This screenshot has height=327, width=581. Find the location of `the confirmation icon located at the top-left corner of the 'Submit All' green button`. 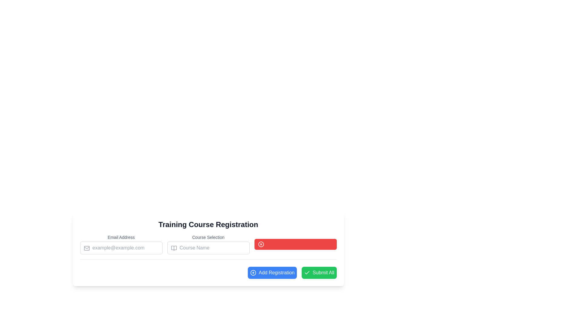

the confirmation icon located at the top-left corner of the 'Submit All' green button is located at coordinates (307, 273).